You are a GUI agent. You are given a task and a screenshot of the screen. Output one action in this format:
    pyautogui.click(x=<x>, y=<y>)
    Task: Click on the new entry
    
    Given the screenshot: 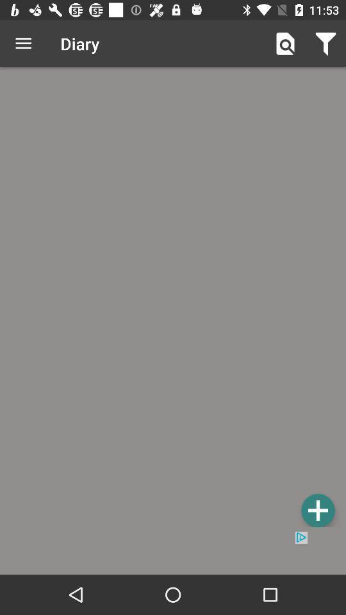 What is the action you would take?
    pyautogui.click(x=317, y=510)
    